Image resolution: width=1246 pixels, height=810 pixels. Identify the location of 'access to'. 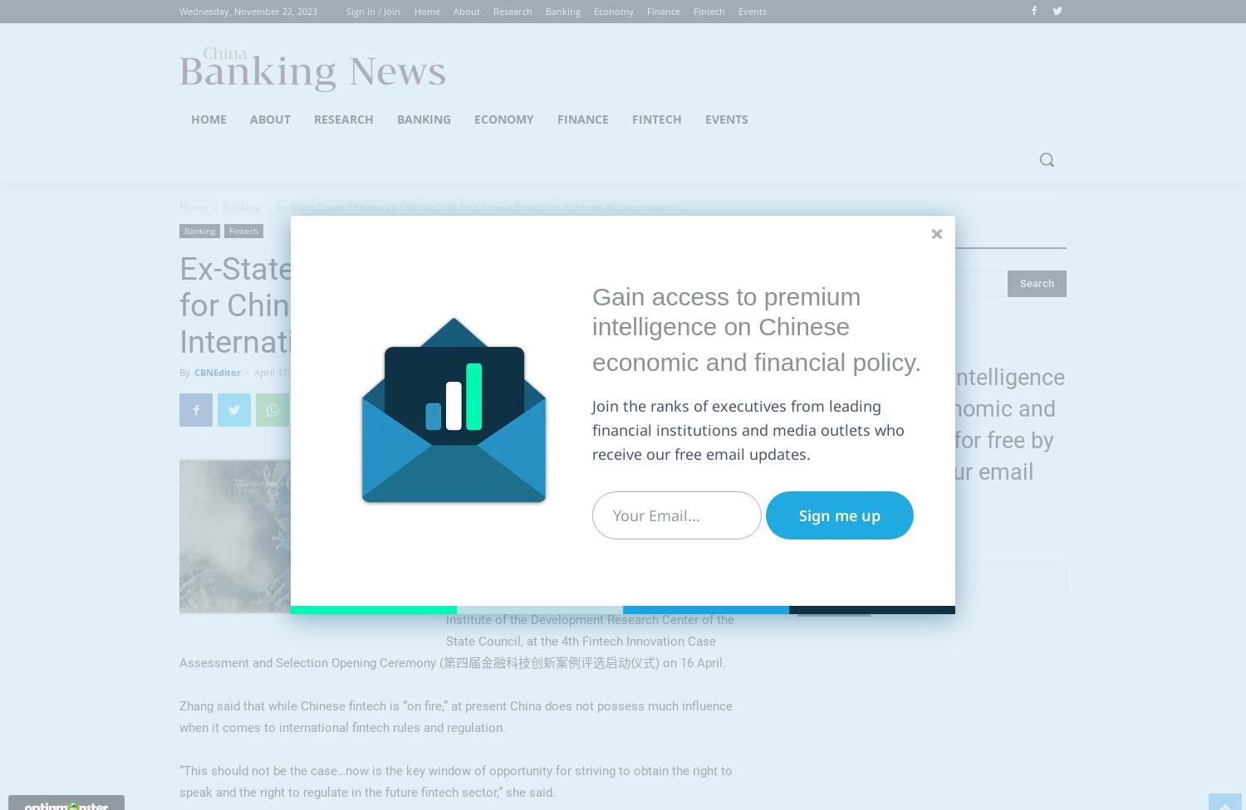
(651, 296).